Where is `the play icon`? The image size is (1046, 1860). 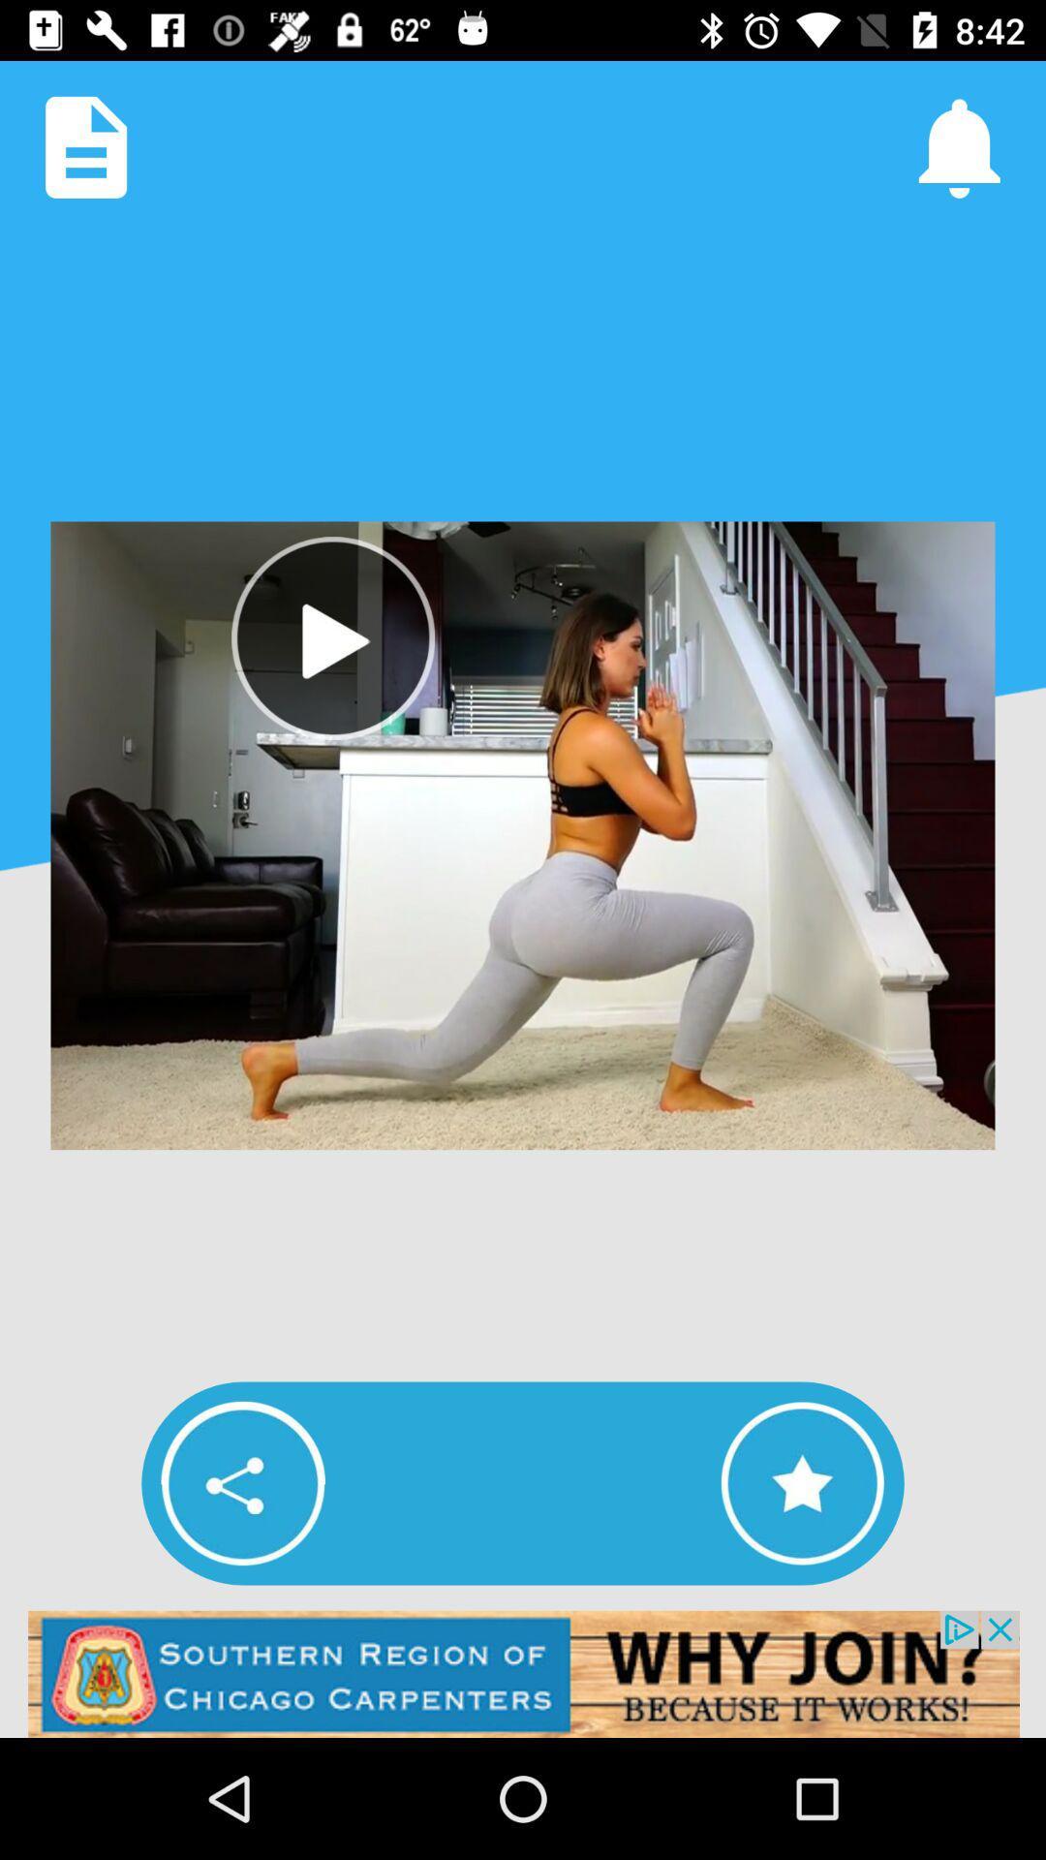 the play icon is located at coordinates (332, 638).